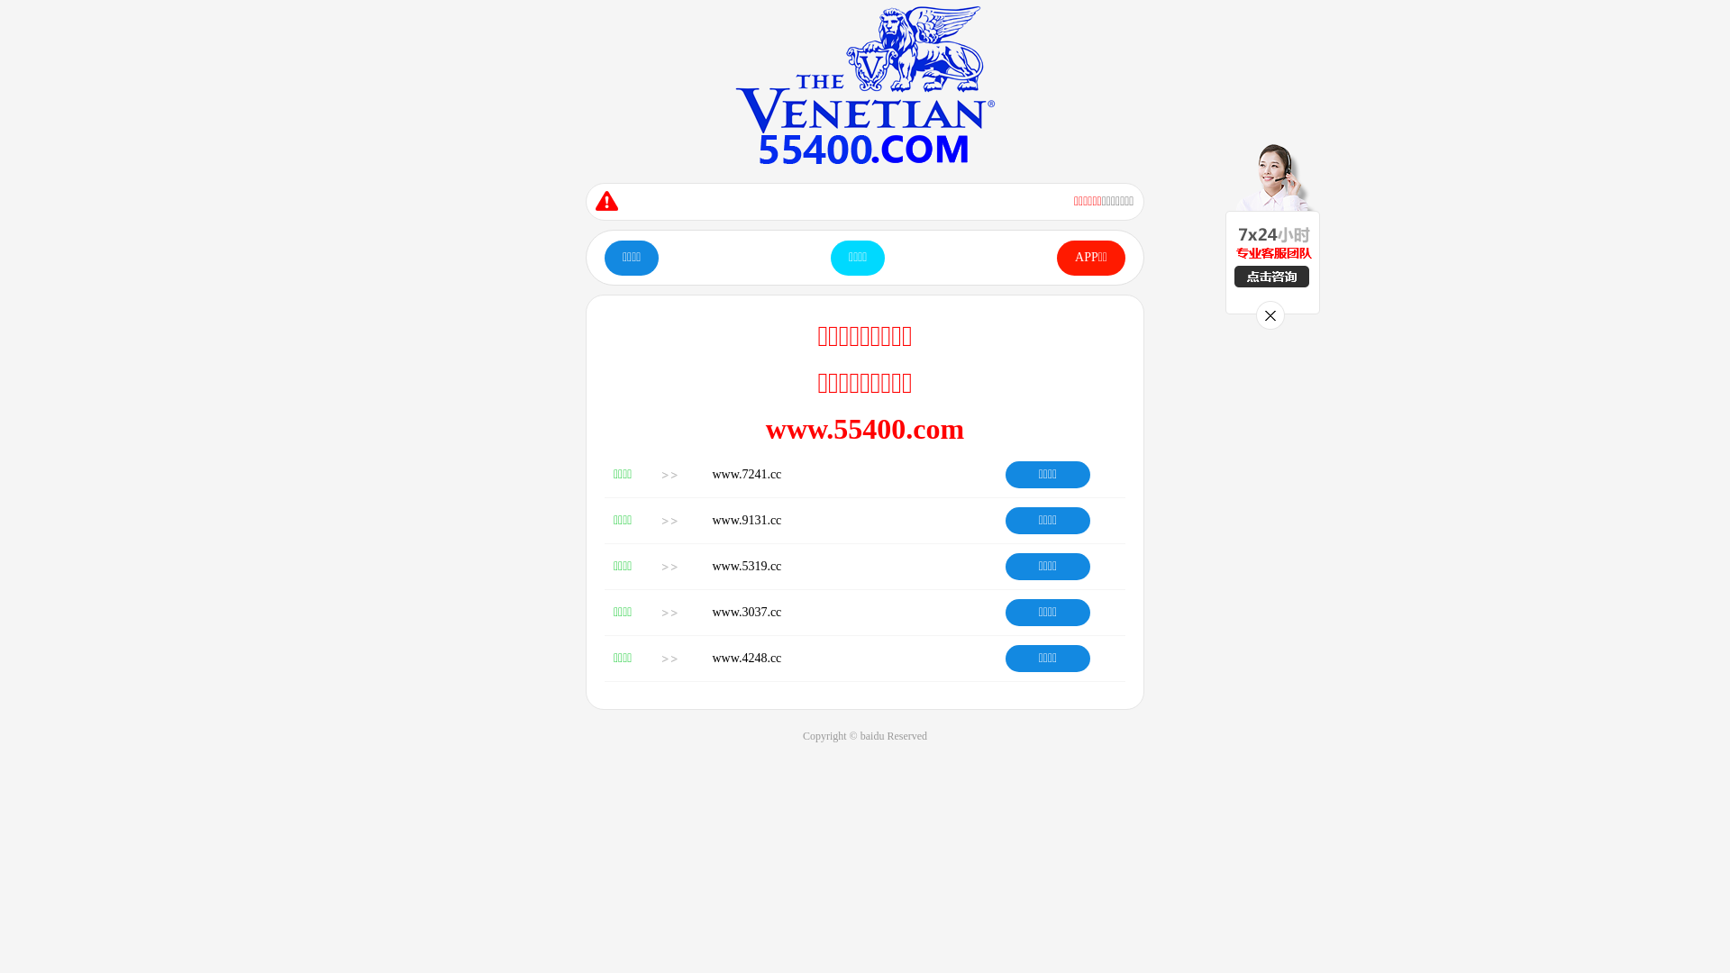 The width and height of the screenshot is (1730, 973). Describe the element at coordinates (746, 473) in the screenshot. I see `'www.7241.cc'` at that location.